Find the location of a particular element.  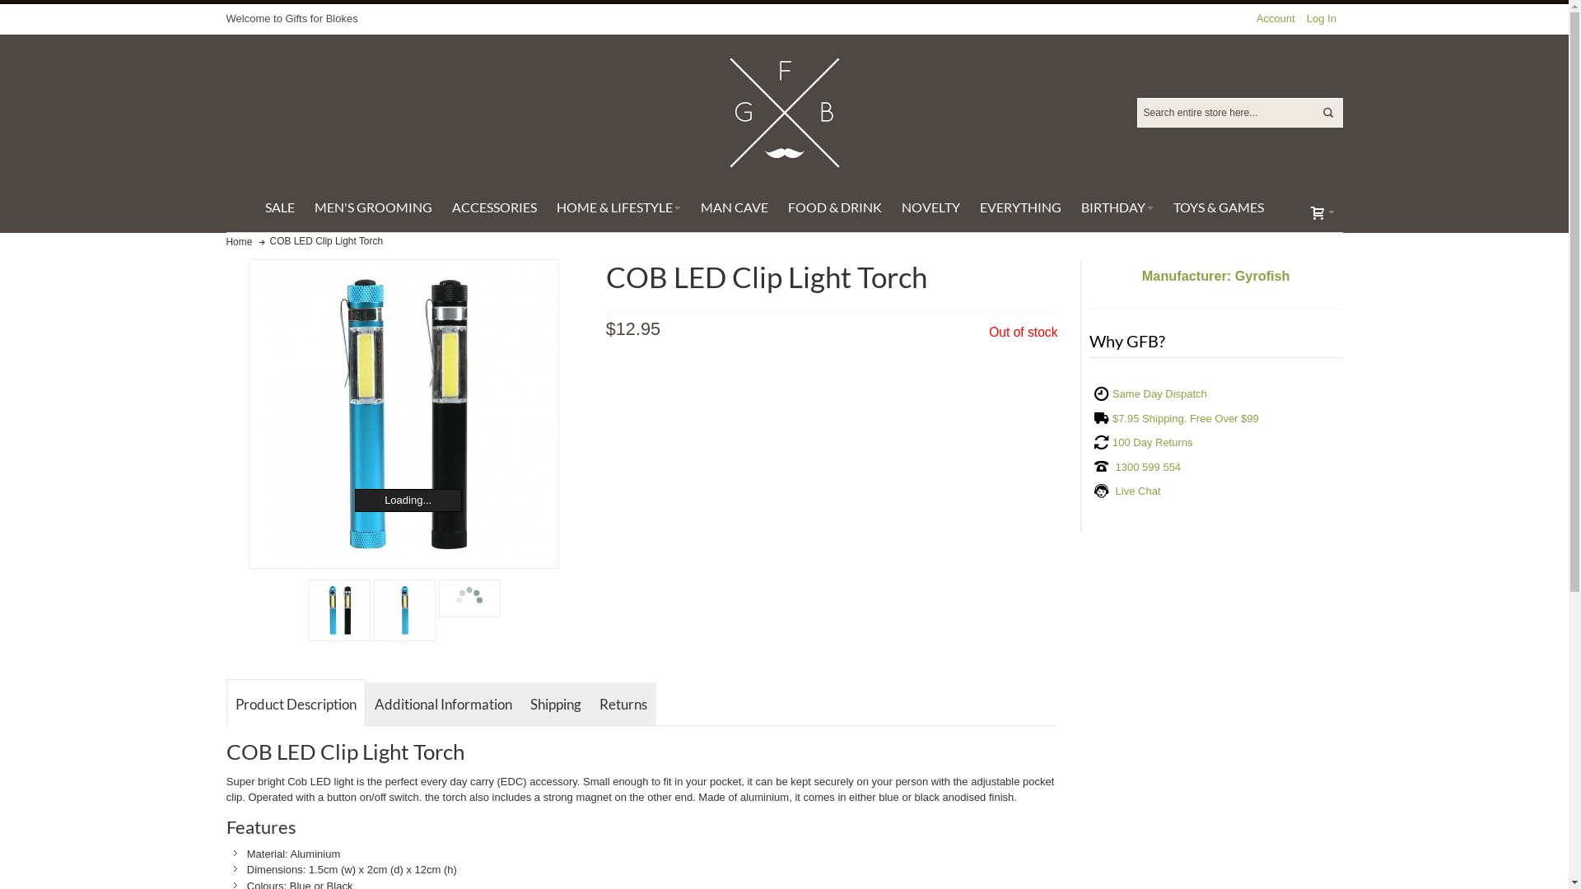

'$7.95 Shipping. Free Over $99' is located at coordinates (1112, 417).